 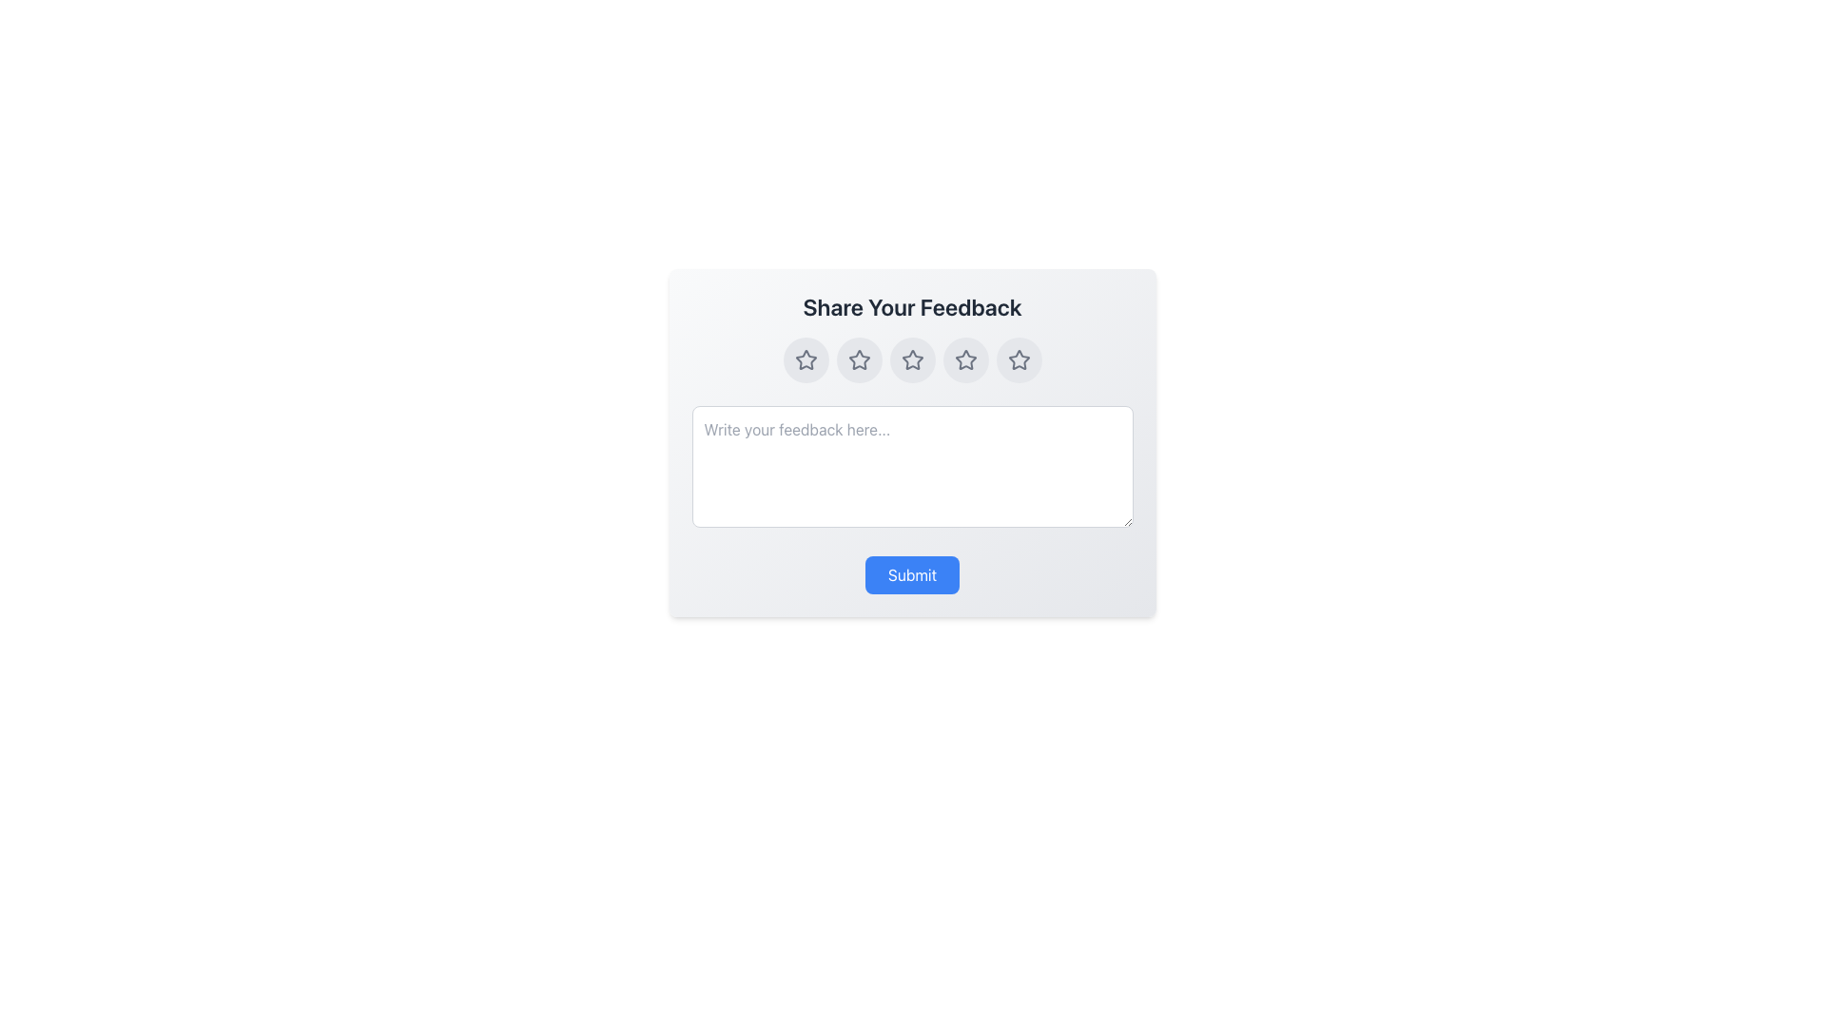 I want to click on the fourth star-shaped rating icon, which is gray with a hollow center, so click(x=965, y=359).